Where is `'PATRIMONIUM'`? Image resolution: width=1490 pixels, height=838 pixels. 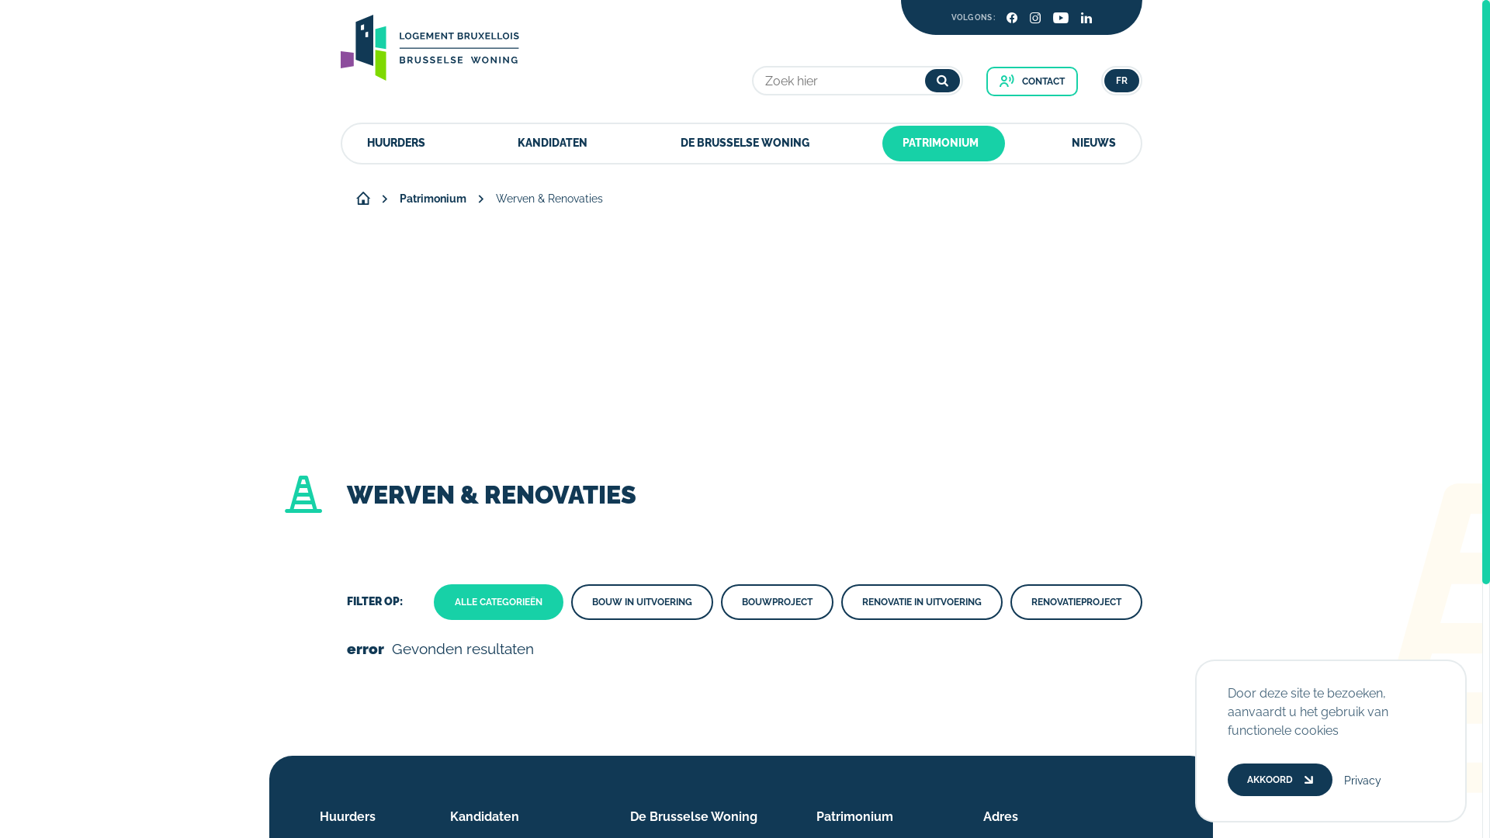 'PATRIMONIUM' is located at coordinates (939, 143).